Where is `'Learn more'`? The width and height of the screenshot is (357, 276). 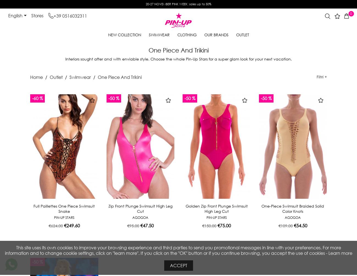 'Learn more' is located at coordinates (340, 253).